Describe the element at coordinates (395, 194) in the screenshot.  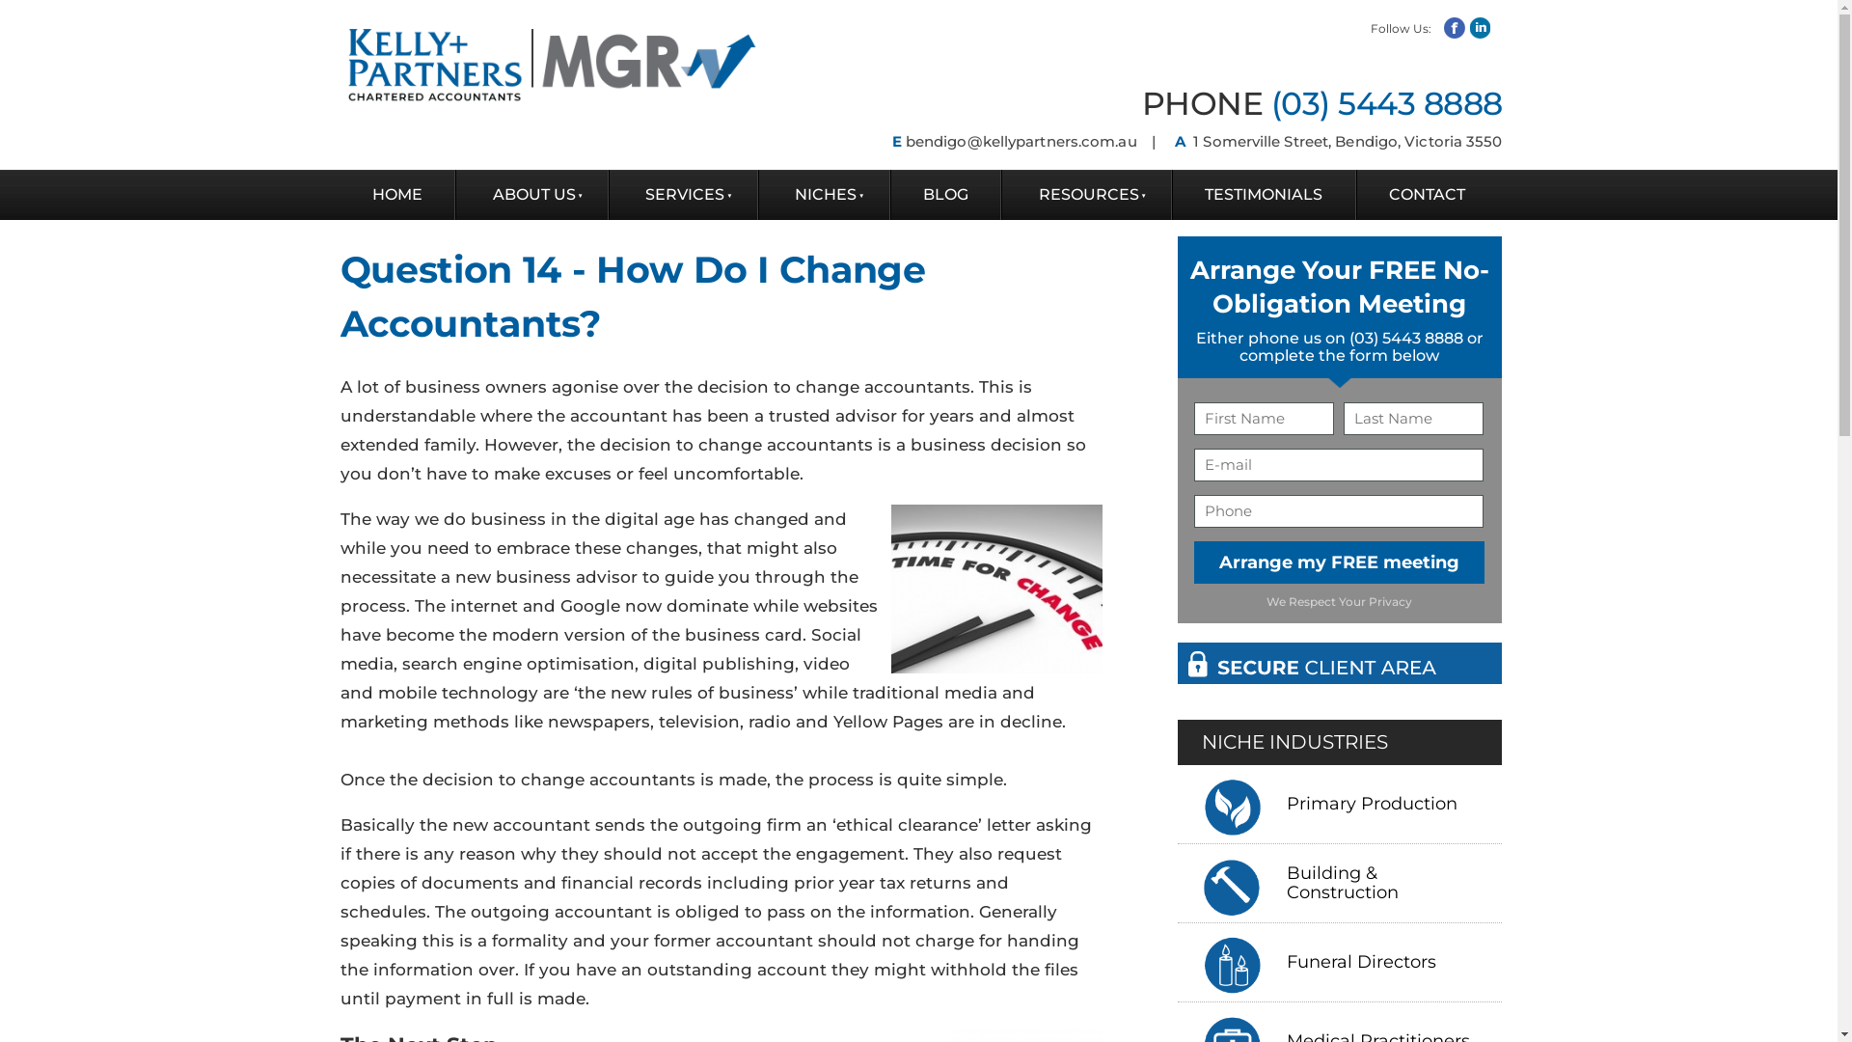
I see `'HOME'` at that location.